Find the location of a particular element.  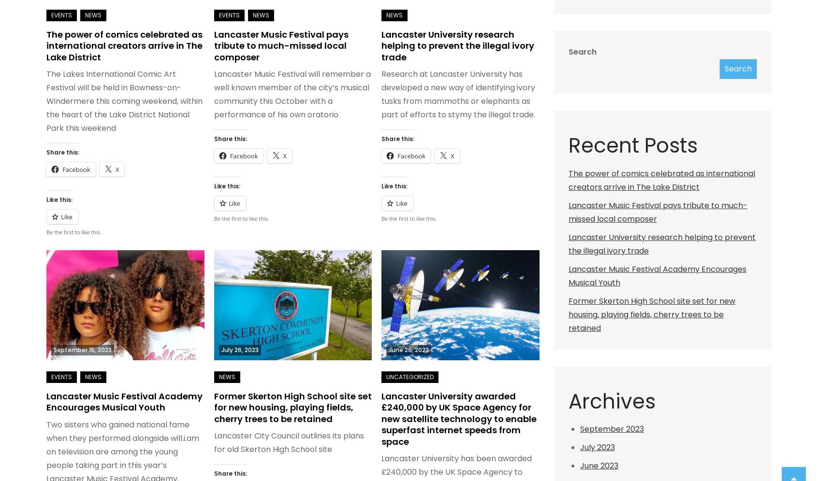

'Lancaster Music Festival will remember a well known member of the city’s musical community this October with a performance of his own oratorio' is located at coordinates (292, 94).